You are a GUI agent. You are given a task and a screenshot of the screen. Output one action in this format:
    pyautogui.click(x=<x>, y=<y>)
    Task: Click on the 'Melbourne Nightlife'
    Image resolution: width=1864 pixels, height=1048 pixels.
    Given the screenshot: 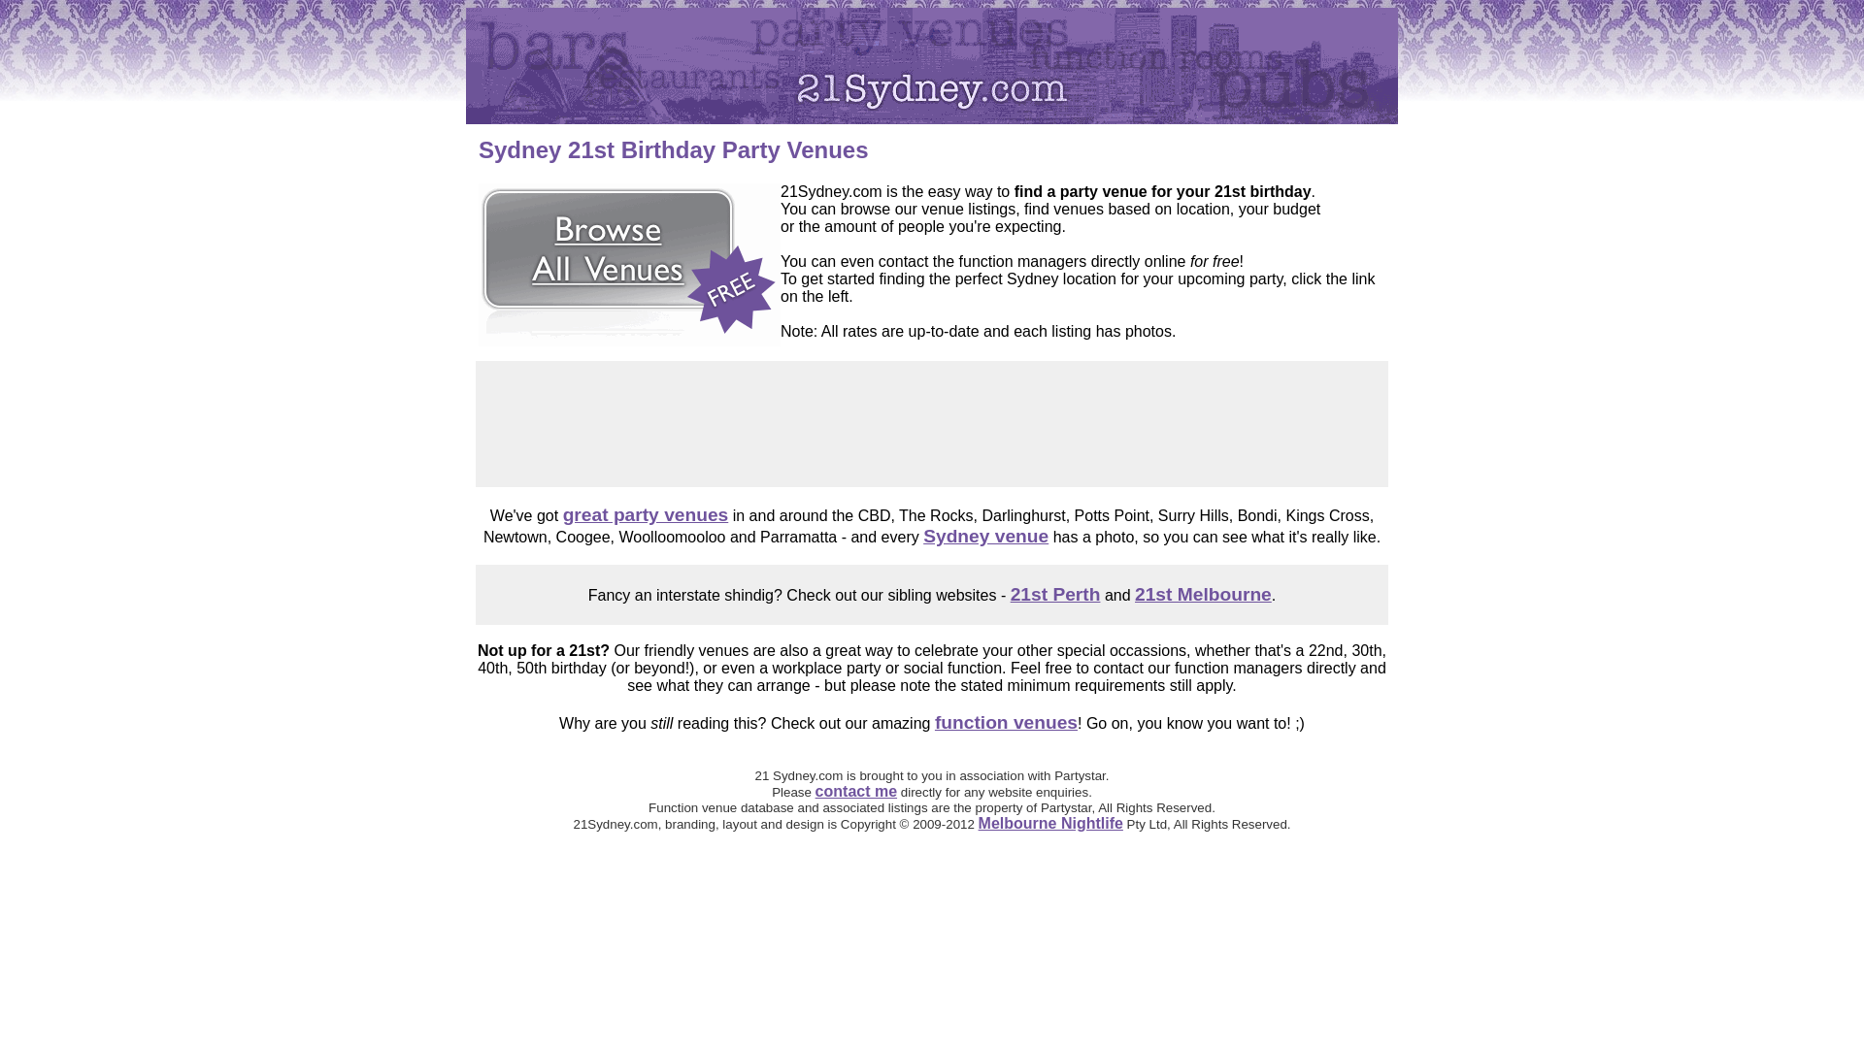 What is the action you would take?
    pyautogui.click(x=979, y=823)
    